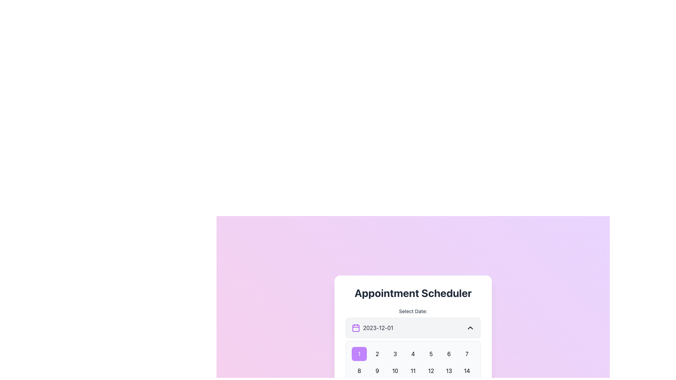  Describe the element at coordinates (372, 328) in the screenshot. I see `displayed date from the date picker interface element, which consists of a text label and an adjacent calendar icon, located below the 'Select Date' heading` at that location.